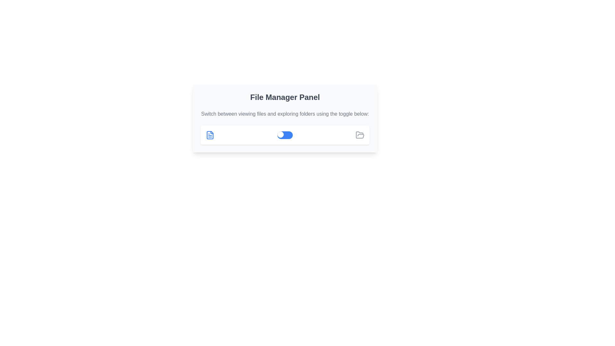  What do you see at coordinates (210, 135) in the screenshot?
I see `the document icon with a blue outline` at bounding box center [210, 135].